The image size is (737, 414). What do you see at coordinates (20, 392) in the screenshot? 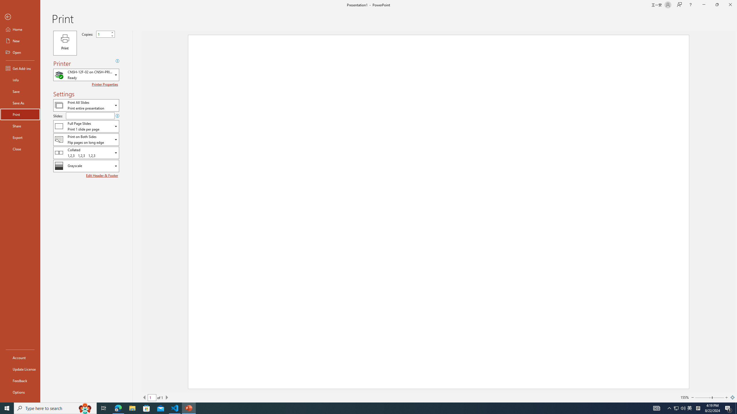
I see `'Options'` at bounding box center [20, 392].